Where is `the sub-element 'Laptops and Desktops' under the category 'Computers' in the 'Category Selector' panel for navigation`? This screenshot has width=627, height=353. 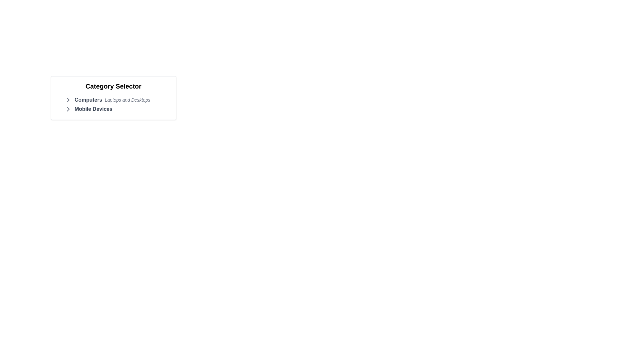 the sub-element 'Laptops and Desktops' under the category 'Computers' in the 'Category Selector' panel for navigation is located at coordinates (113, 104).